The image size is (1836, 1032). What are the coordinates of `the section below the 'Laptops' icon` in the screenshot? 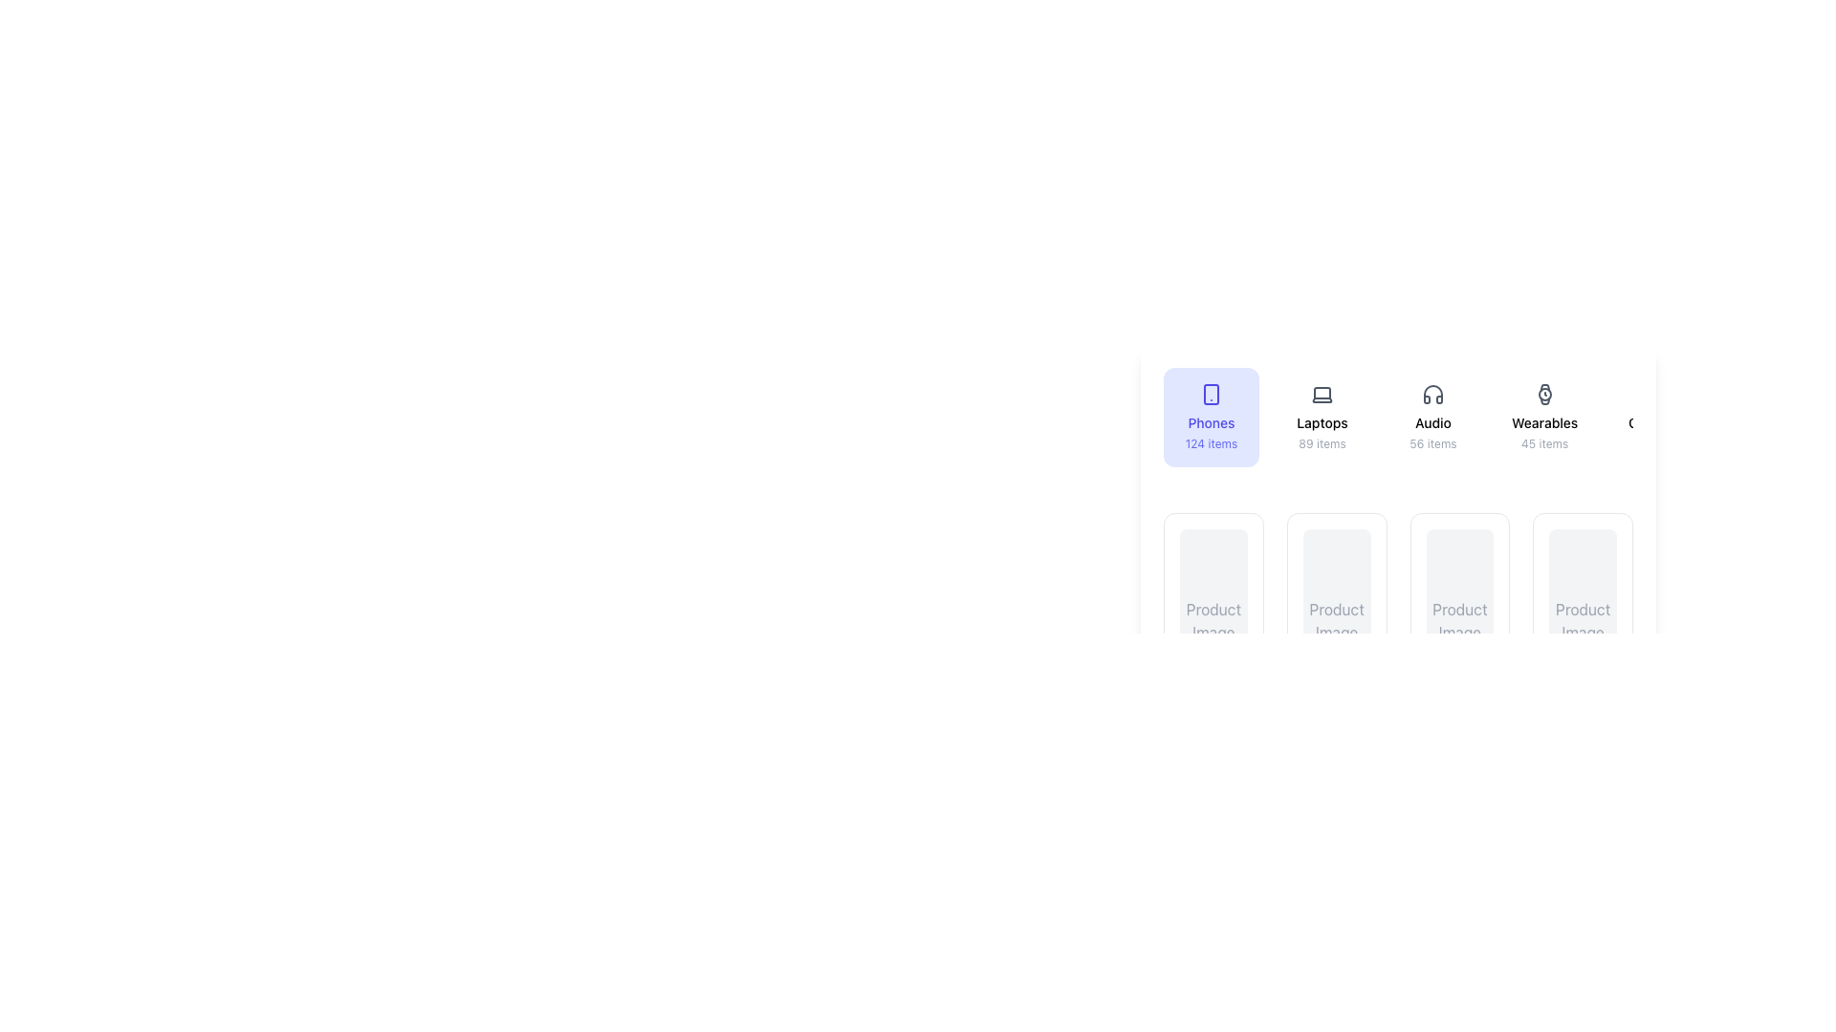 It's located at (1321, 393).